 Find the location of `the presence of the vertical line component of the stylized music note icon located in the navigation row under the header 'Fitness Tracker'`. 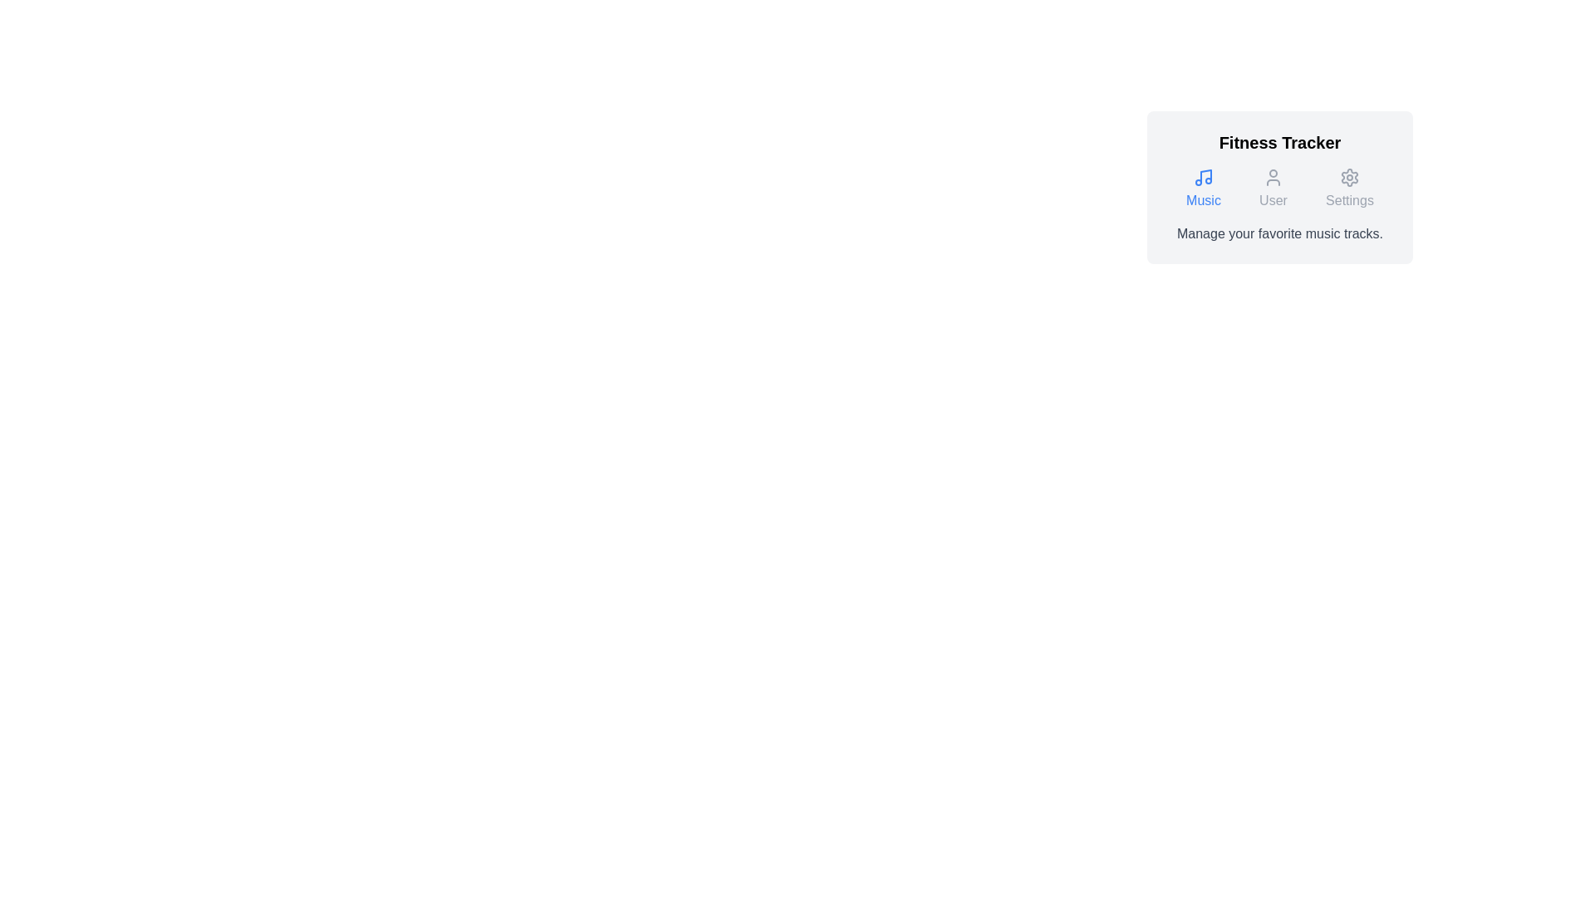

the presence of the vertical line component of the stylized music note icon located in the navigation row under the header 'Fitness Tracker' is located at coordinates (1205, 176).